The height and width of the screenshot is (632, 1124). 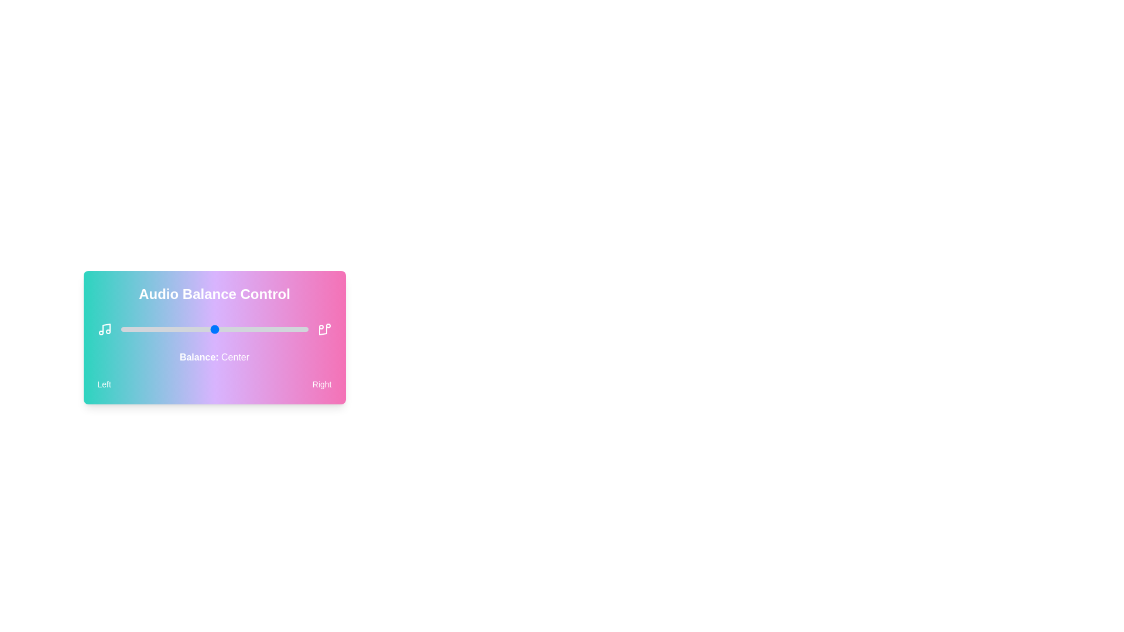 I want to click on the audio balance slider to 86 percent, so click(x=282, y=329).